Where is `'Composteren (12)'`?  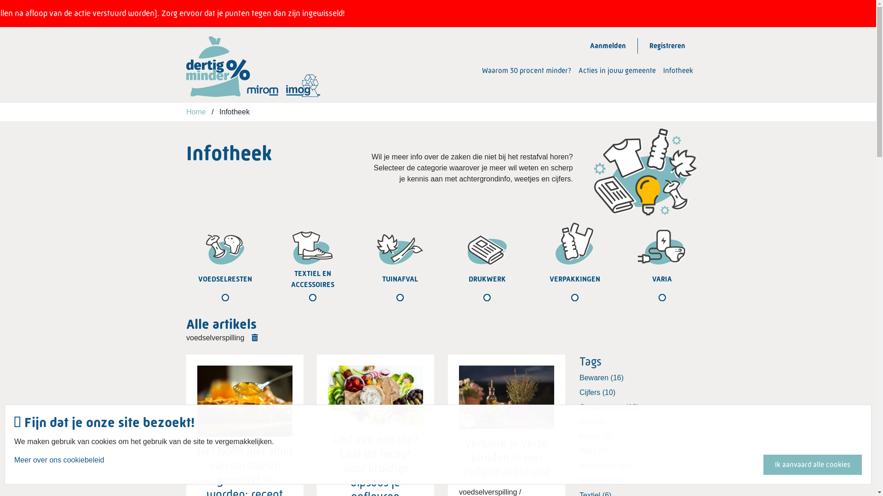
'Composteren (12)' is located at coordinates (637, 407).